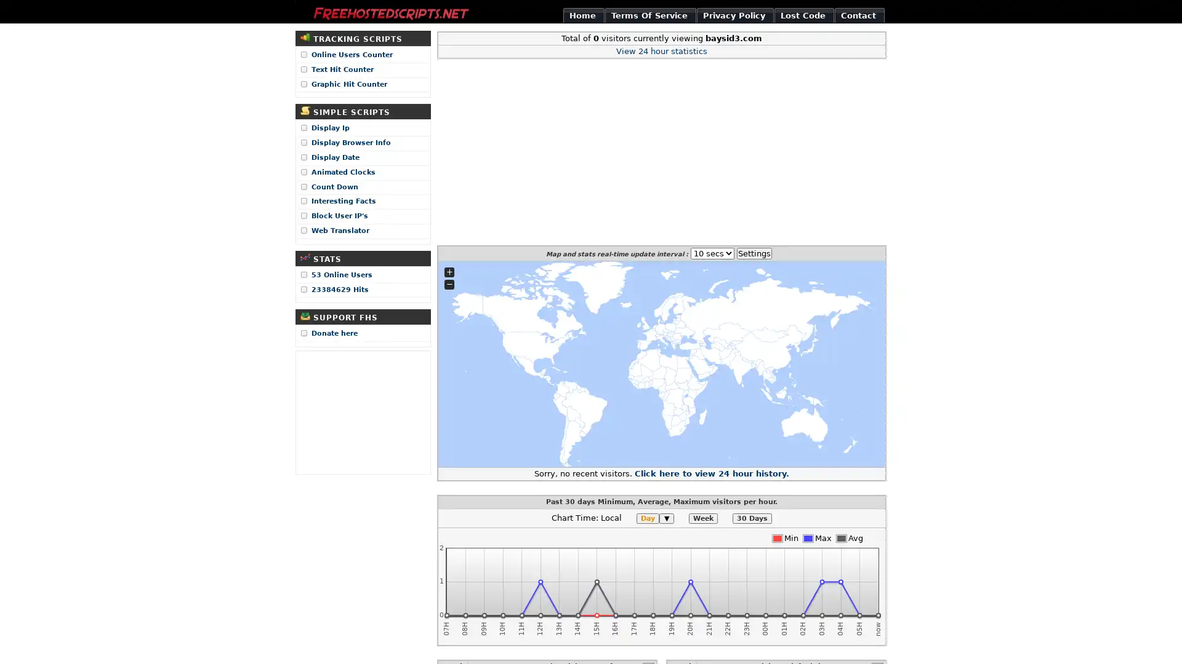 The image size is (1182, 664). Describe the element at coordinates (703, 518) in the screenshot. I see `Week` at that location.